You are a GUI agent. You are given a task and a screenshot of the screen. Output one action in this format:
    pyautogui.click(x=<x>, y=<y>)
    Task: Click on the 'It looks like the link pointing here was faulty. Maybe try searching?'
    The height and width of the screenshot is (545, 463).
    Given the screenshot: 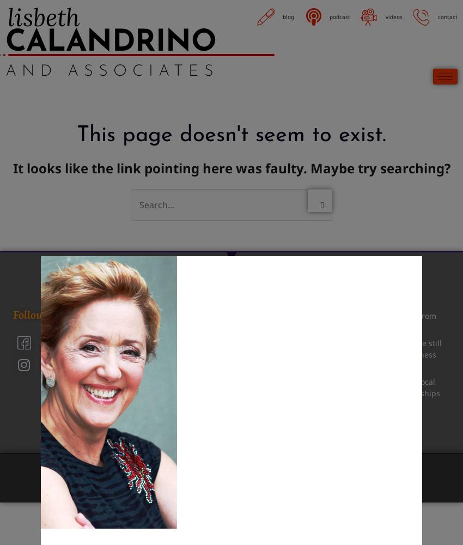 What is the action you would take?
    pyautogui.click(x=231, y=167)
    